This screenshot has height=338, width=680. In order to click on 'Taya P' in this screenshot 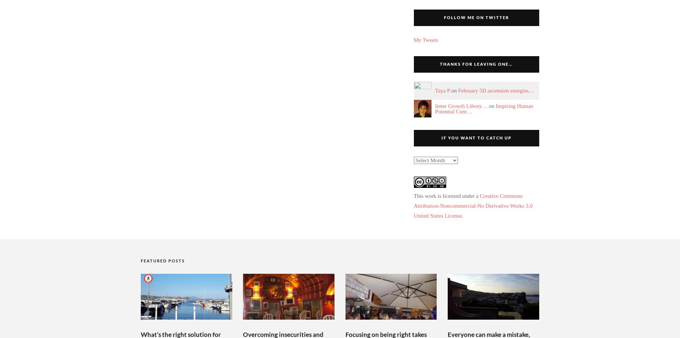, I will do `click(442, 90)`.